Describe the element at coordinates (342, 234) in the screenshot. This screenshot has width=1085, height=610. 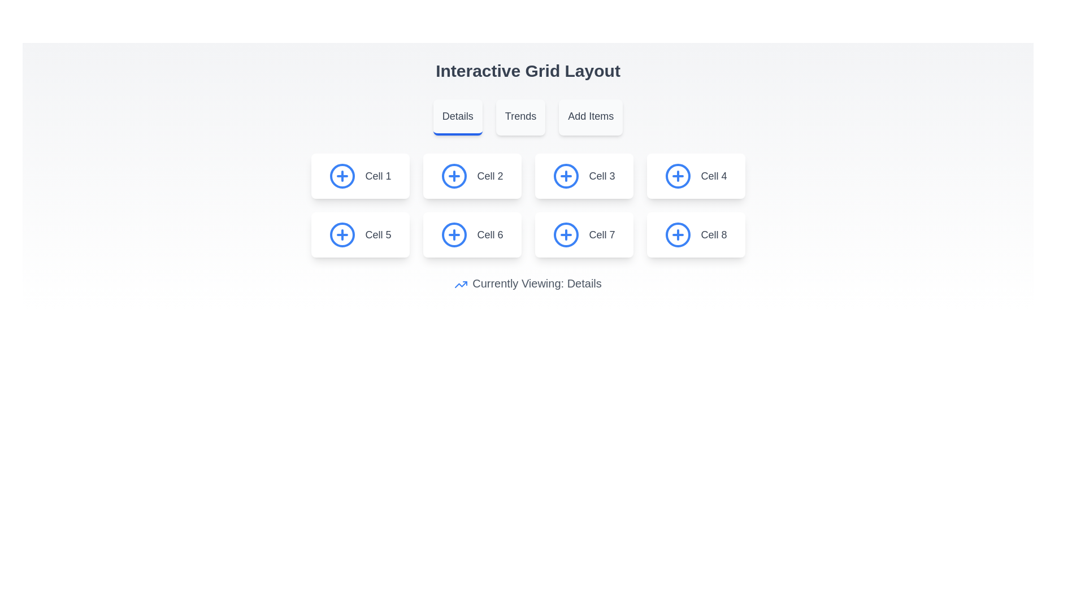
I see `the circular SVG element with a blue outline and a solid blue '+' icon, located at the center of the button labeled 'Cell 5'` at that location.